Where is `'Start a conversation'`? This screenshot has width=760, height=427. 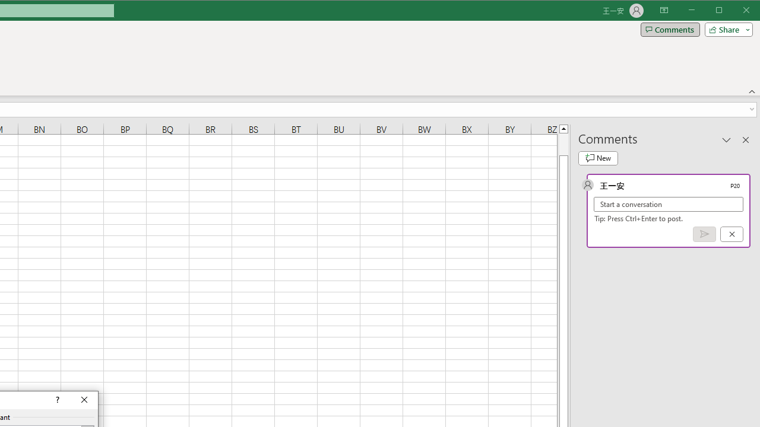
'Start a conversation' is located at coordinates (669, 203).